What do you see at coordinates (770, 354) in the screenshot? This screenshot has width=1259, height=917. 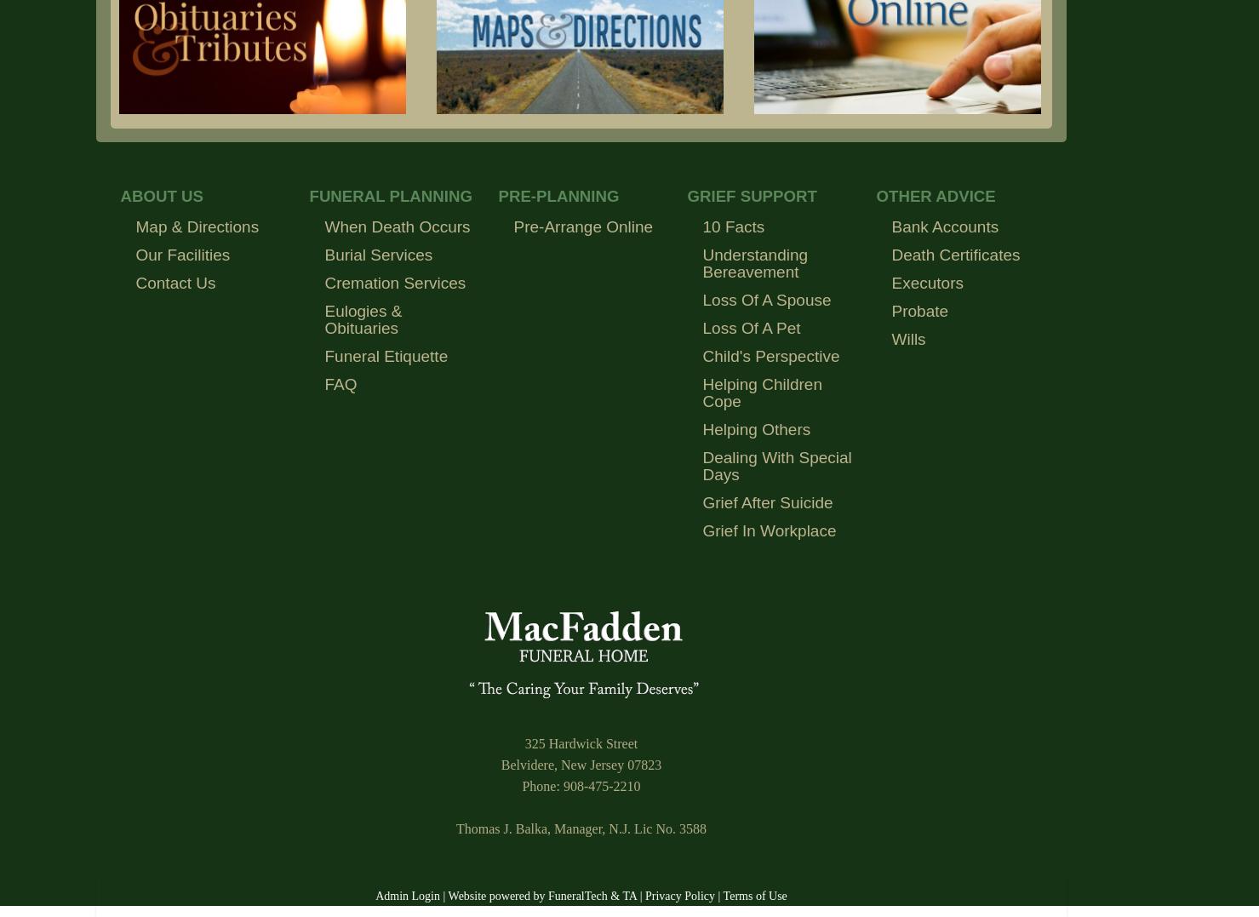 I see `'Child's Perspective'` at bounding box center [770, 354].